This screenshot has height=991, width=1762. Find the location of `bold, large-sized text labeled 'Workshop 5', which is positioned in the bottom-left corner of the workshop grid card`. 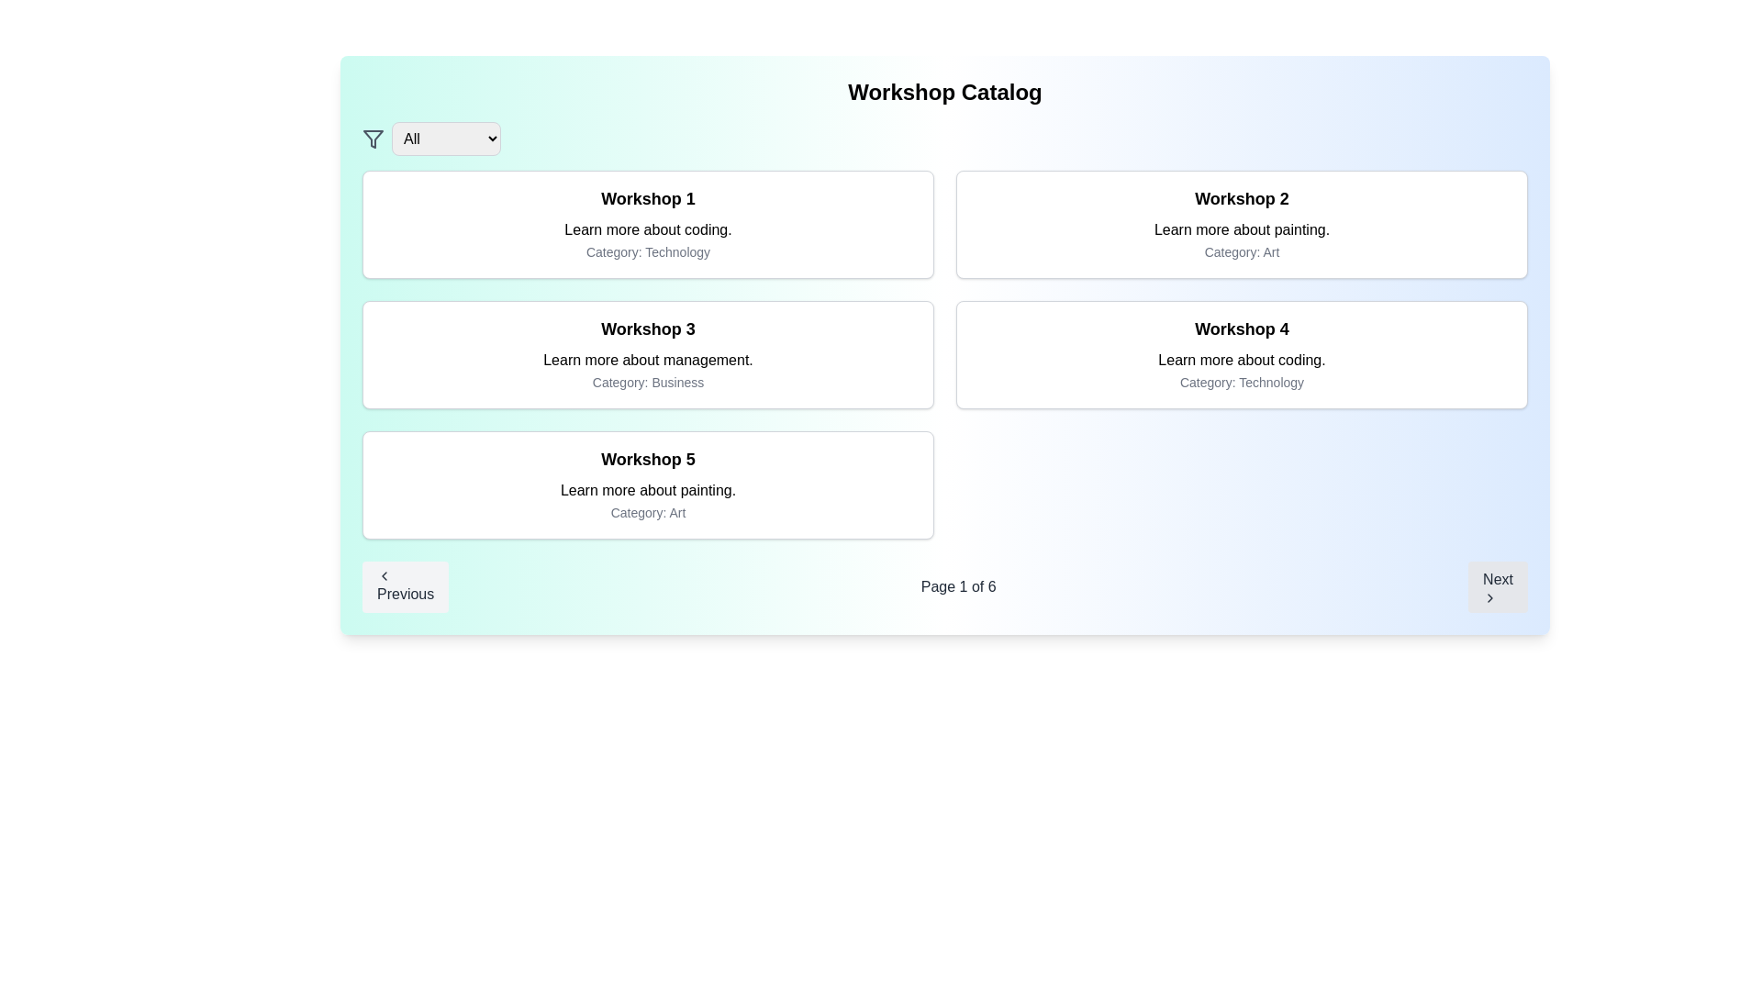

bold, large-sized text labeled 'Workshop 5', which is positioned in the bottom-left corner of the workshop grid card is located at coordinates (648, 459).